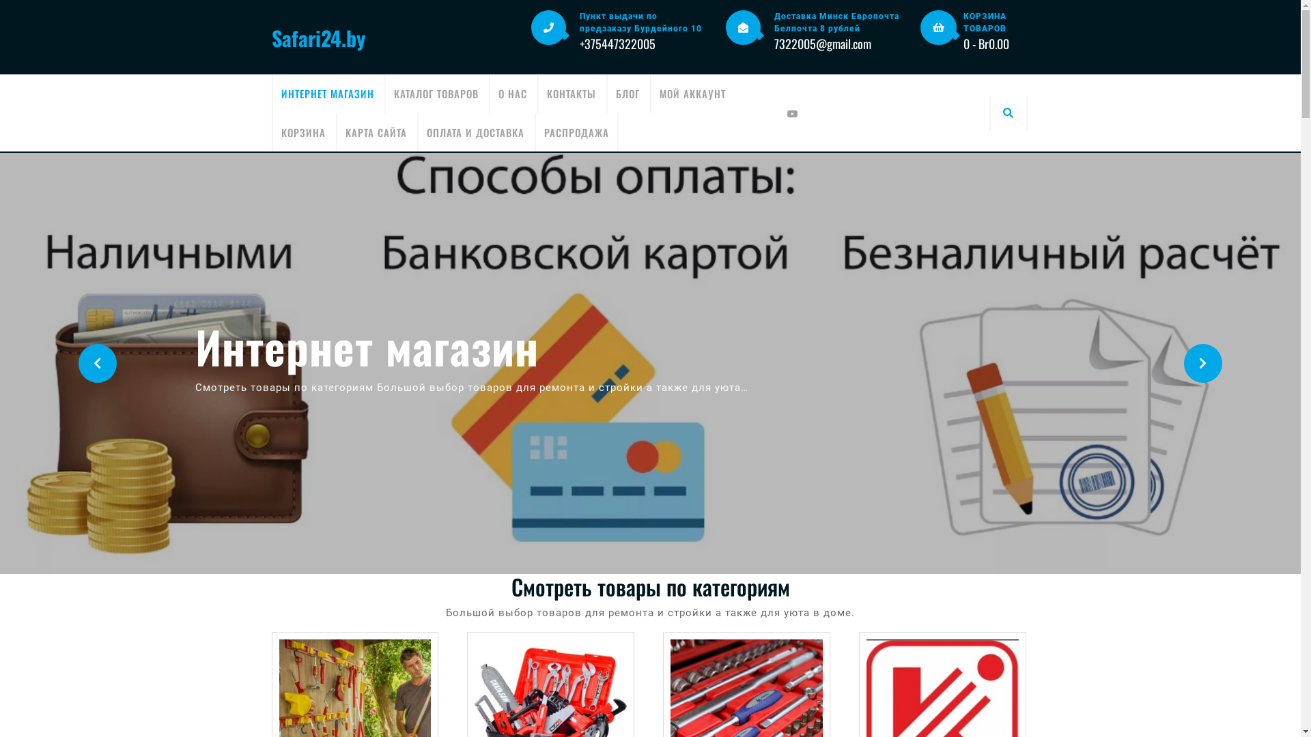 This screenshot has height=737, width=1311. Describe the element at coordinates (318, 36) in the screenshot. I see `'Safari24.by'` at that location.